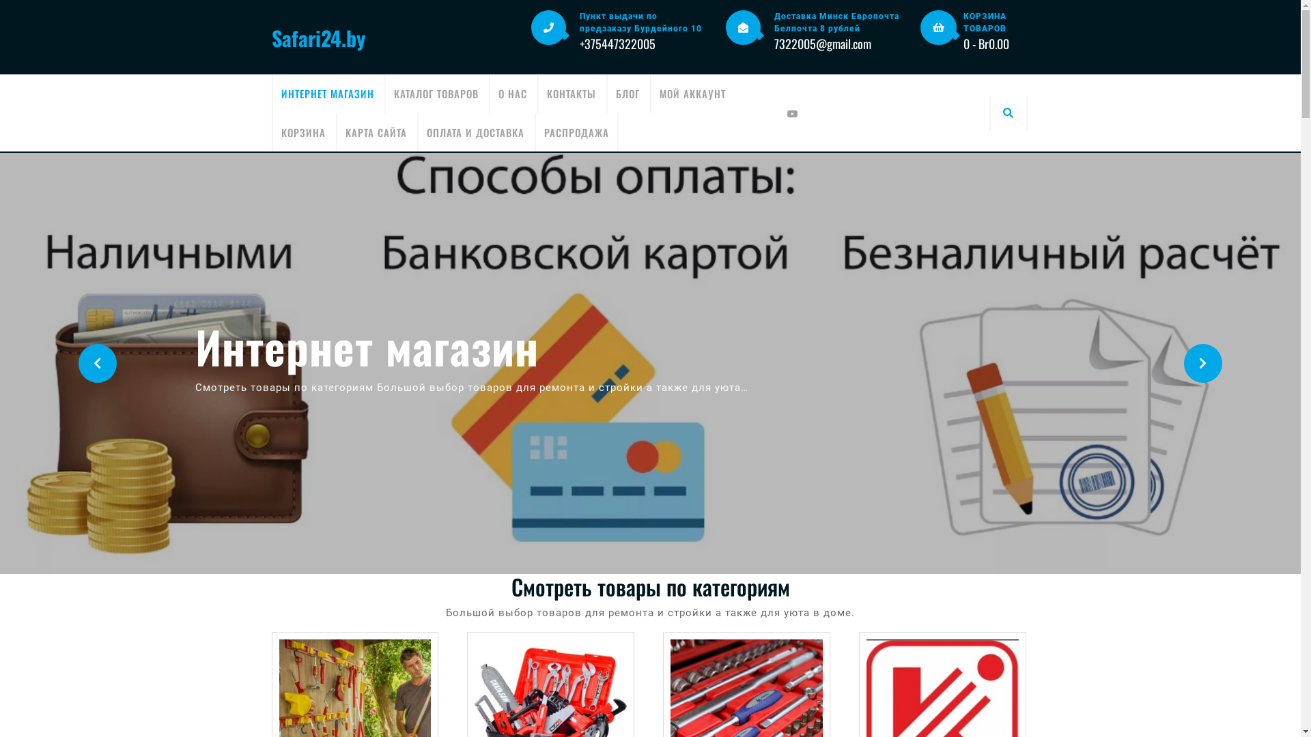 This screenshot has height=737, width=1311. Describe the element at coordinates (318, 36) in the screenshot. I see `'Safari24.by'` at that location.